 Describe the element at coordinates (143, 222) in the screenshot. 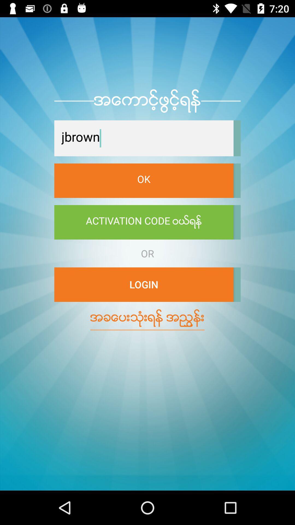

I see `icon below ok item` at that location.